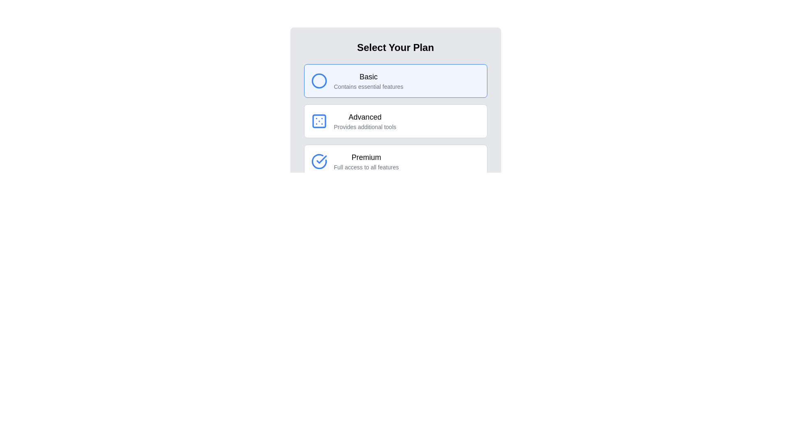 This screenshot has height=444, width=789. I want to click on the blue dice icon located to the left of the 'Advanced' text in the subscription plan selection interface, so click(318, 121).